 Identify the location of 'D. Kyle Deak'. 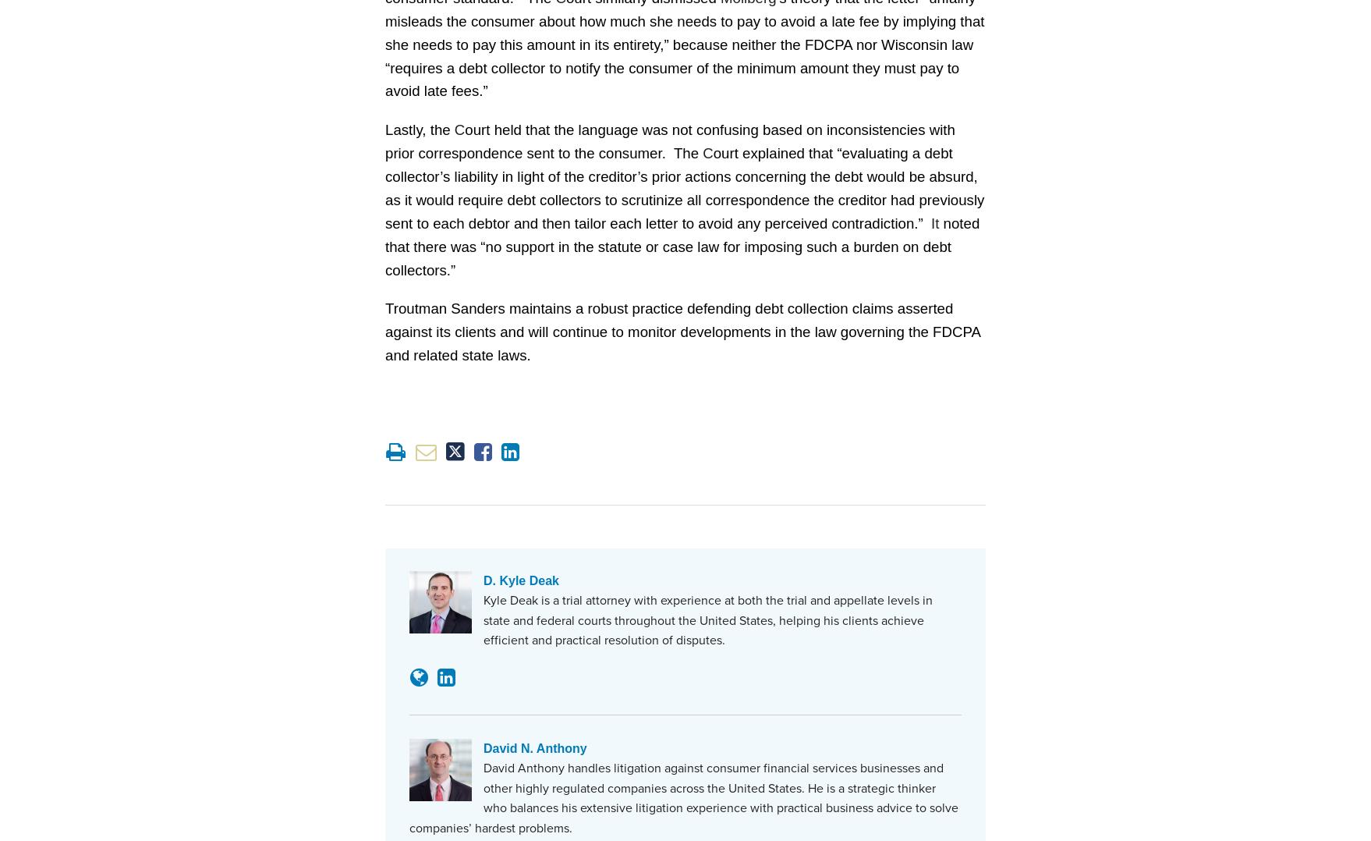
(519, 579).